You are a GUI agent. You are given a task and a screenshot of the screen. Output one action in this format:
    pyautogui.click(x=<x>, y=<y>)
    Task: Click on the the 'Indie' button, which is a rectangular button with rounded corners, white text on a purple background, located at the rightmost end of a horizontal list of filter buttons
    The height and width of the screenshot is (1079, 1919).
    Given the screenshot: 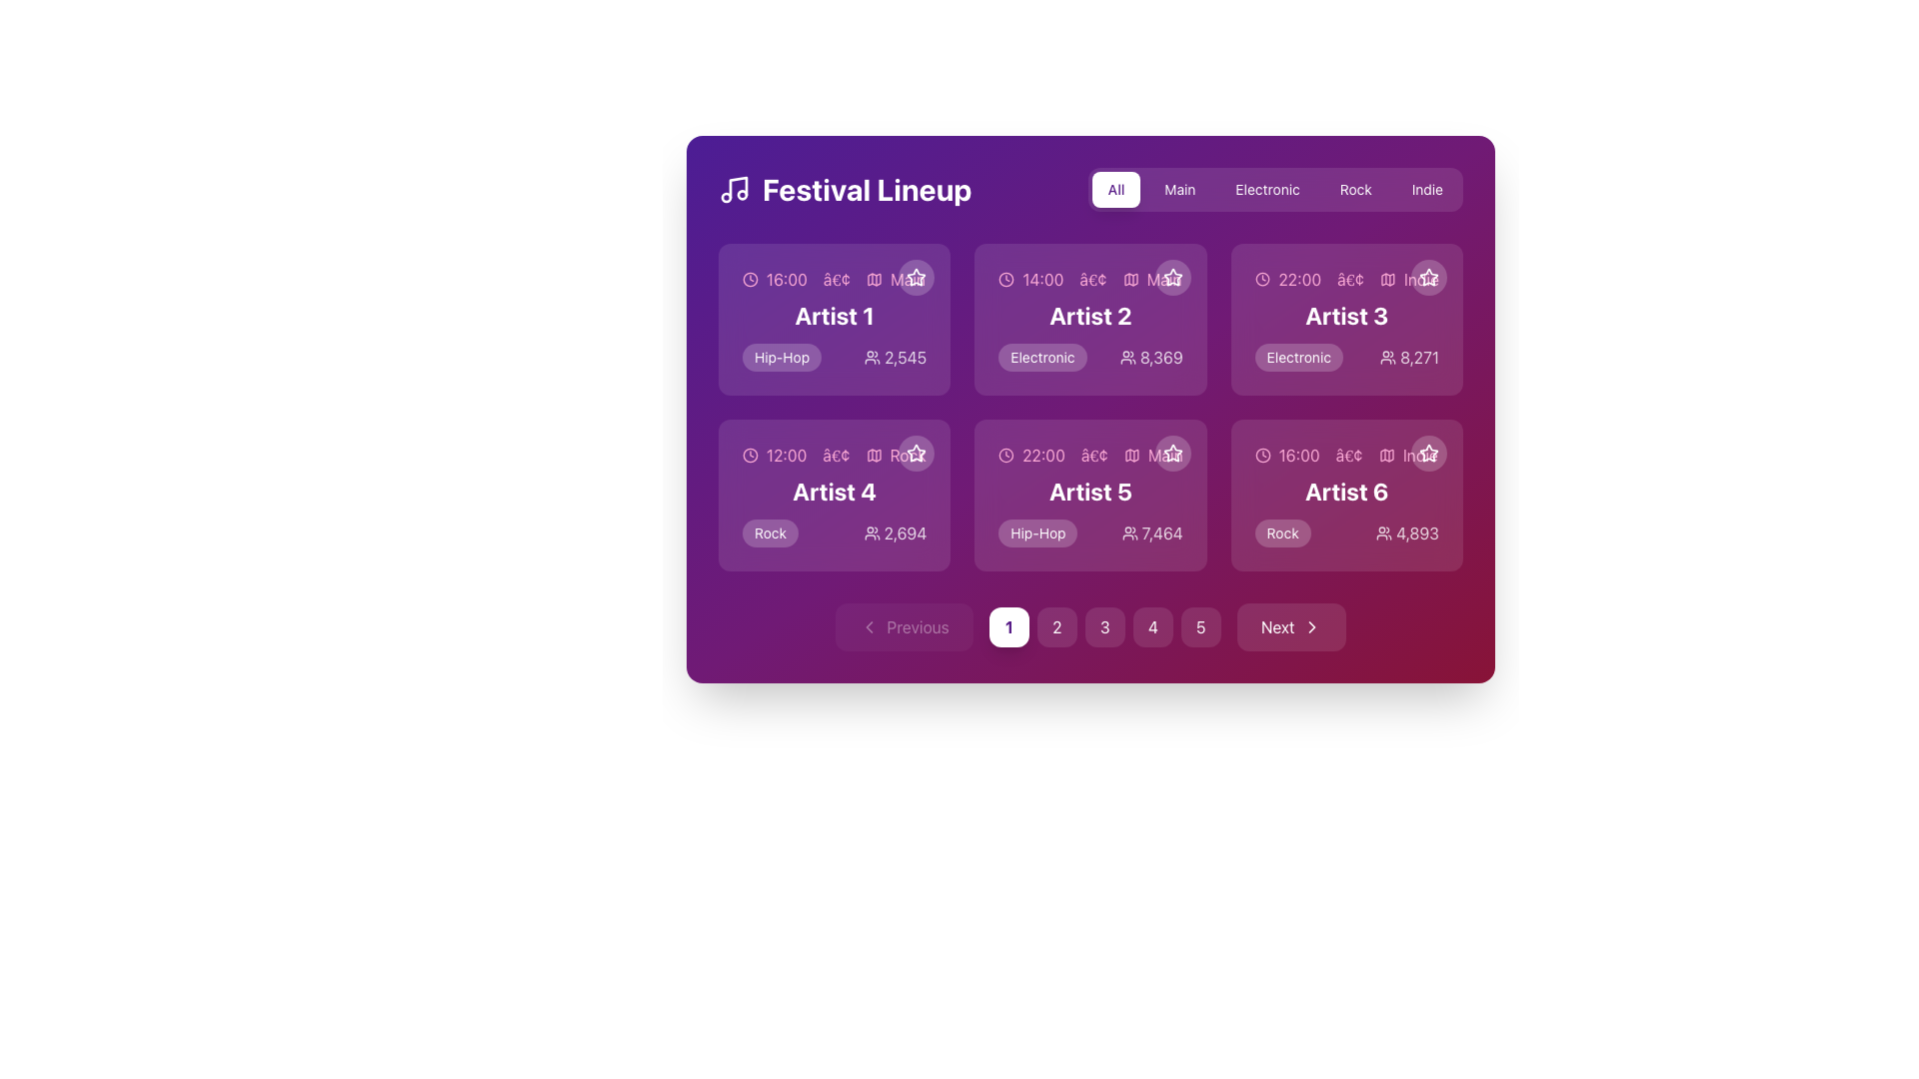 What is the action you would take?
    pyautogui.click(x=1426, y=189)
    